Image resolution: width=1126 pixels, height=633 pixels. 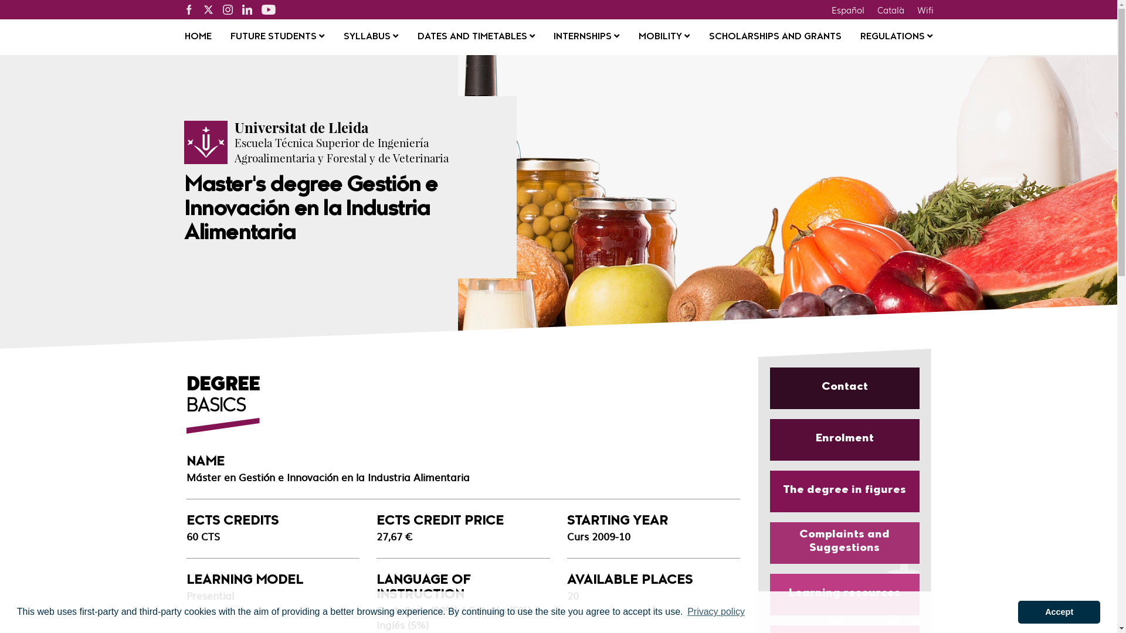 What do you see at coordinates (896, 36) in the screenshot?
I see `'REGULATIONS'` at bounding box center [896, 36].